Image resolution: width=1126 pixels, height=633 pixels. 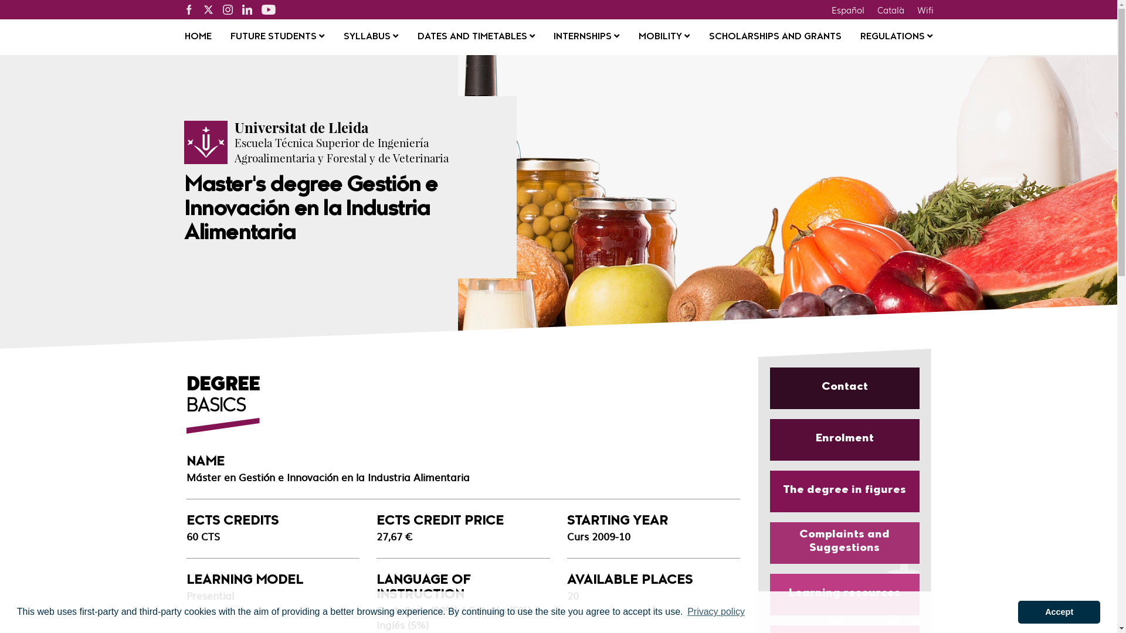 What do you see at coordinates (896, 36) in the screenshot?
I see `'REGULATIONS'` at bounding box center [896, 36].